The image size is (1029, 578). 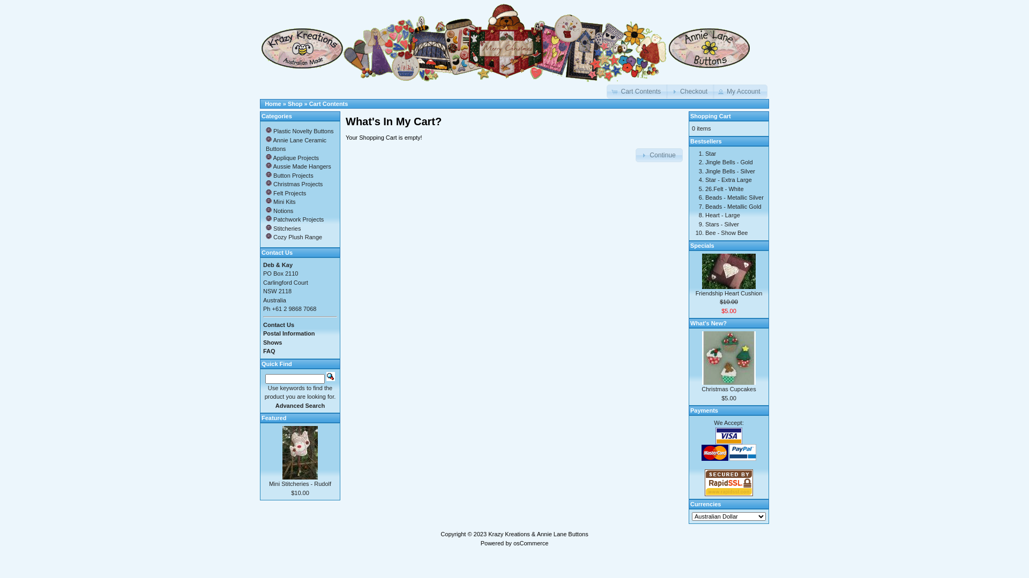 I want to click on 'Beads - Metallic Silver', so click(x=734, y=197).